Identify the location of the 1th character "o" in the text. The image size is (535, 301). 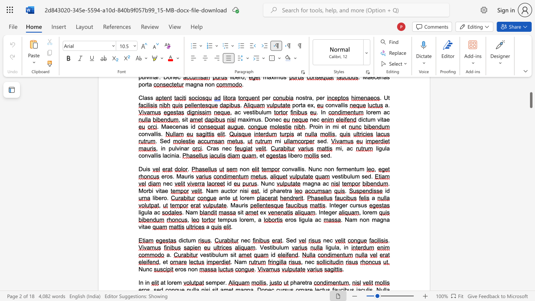
(169, 282).